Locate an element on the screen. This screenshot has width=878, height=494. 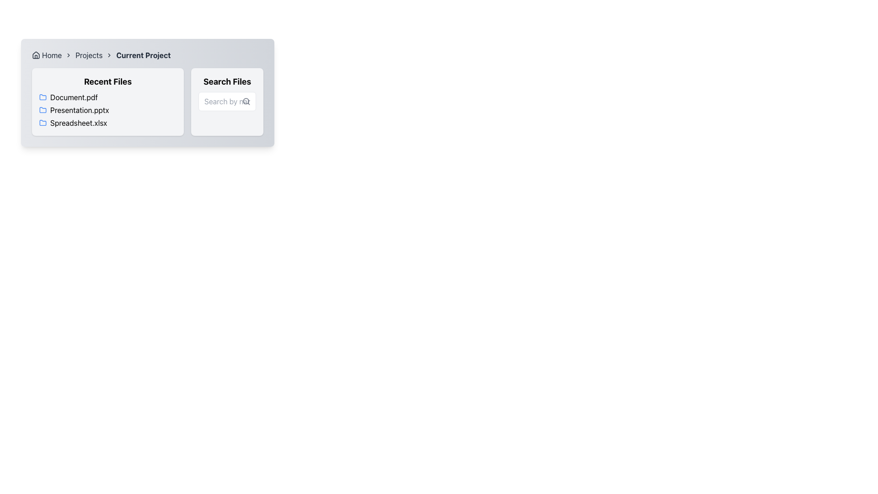
the folder icon in the 'Recent Files' section is located at coordinates (43, 109).